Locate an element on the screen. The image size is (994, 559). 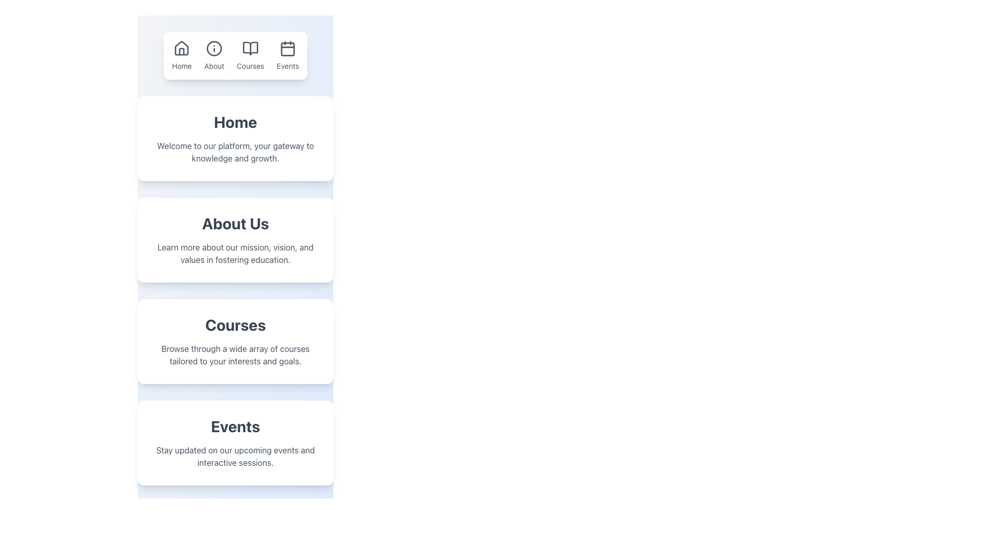
the house SVG icon located in the first position of the horizontal navigation bar is located at coordinates (182, 48).